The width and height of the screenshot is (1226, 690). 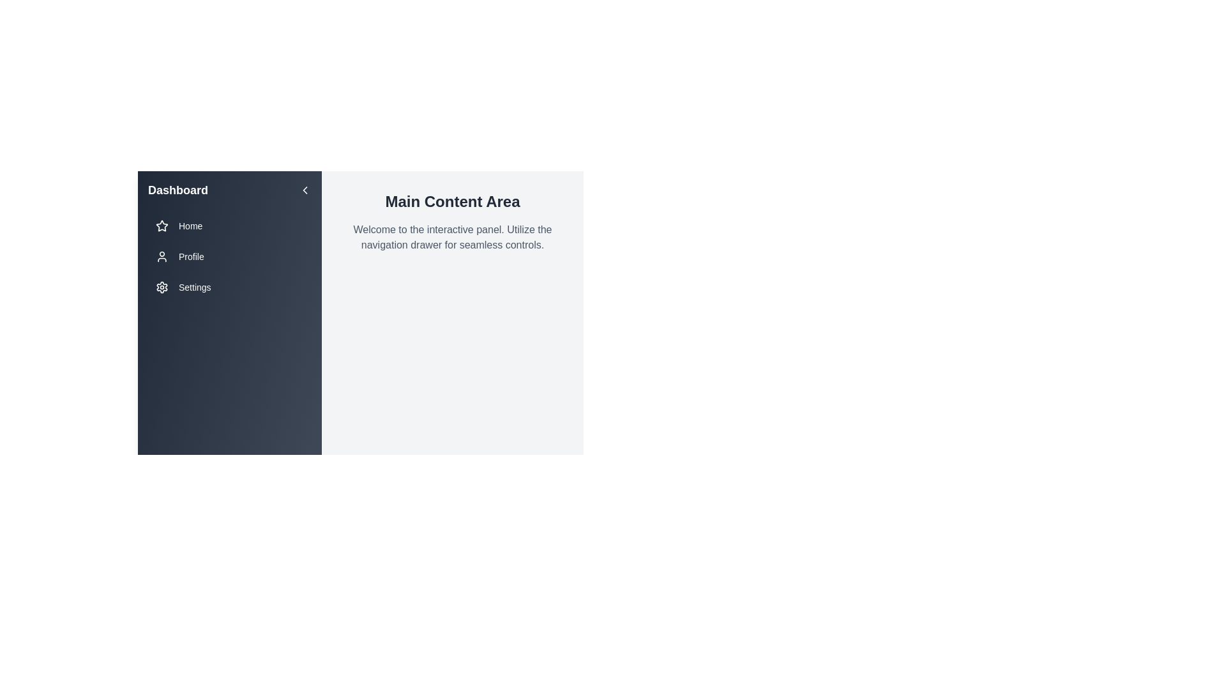 I want to click on the navigation button located at the top-right corner of the sidebar, aligned horizontally with the 'Dashboard' text, so click(x=305, y=190).